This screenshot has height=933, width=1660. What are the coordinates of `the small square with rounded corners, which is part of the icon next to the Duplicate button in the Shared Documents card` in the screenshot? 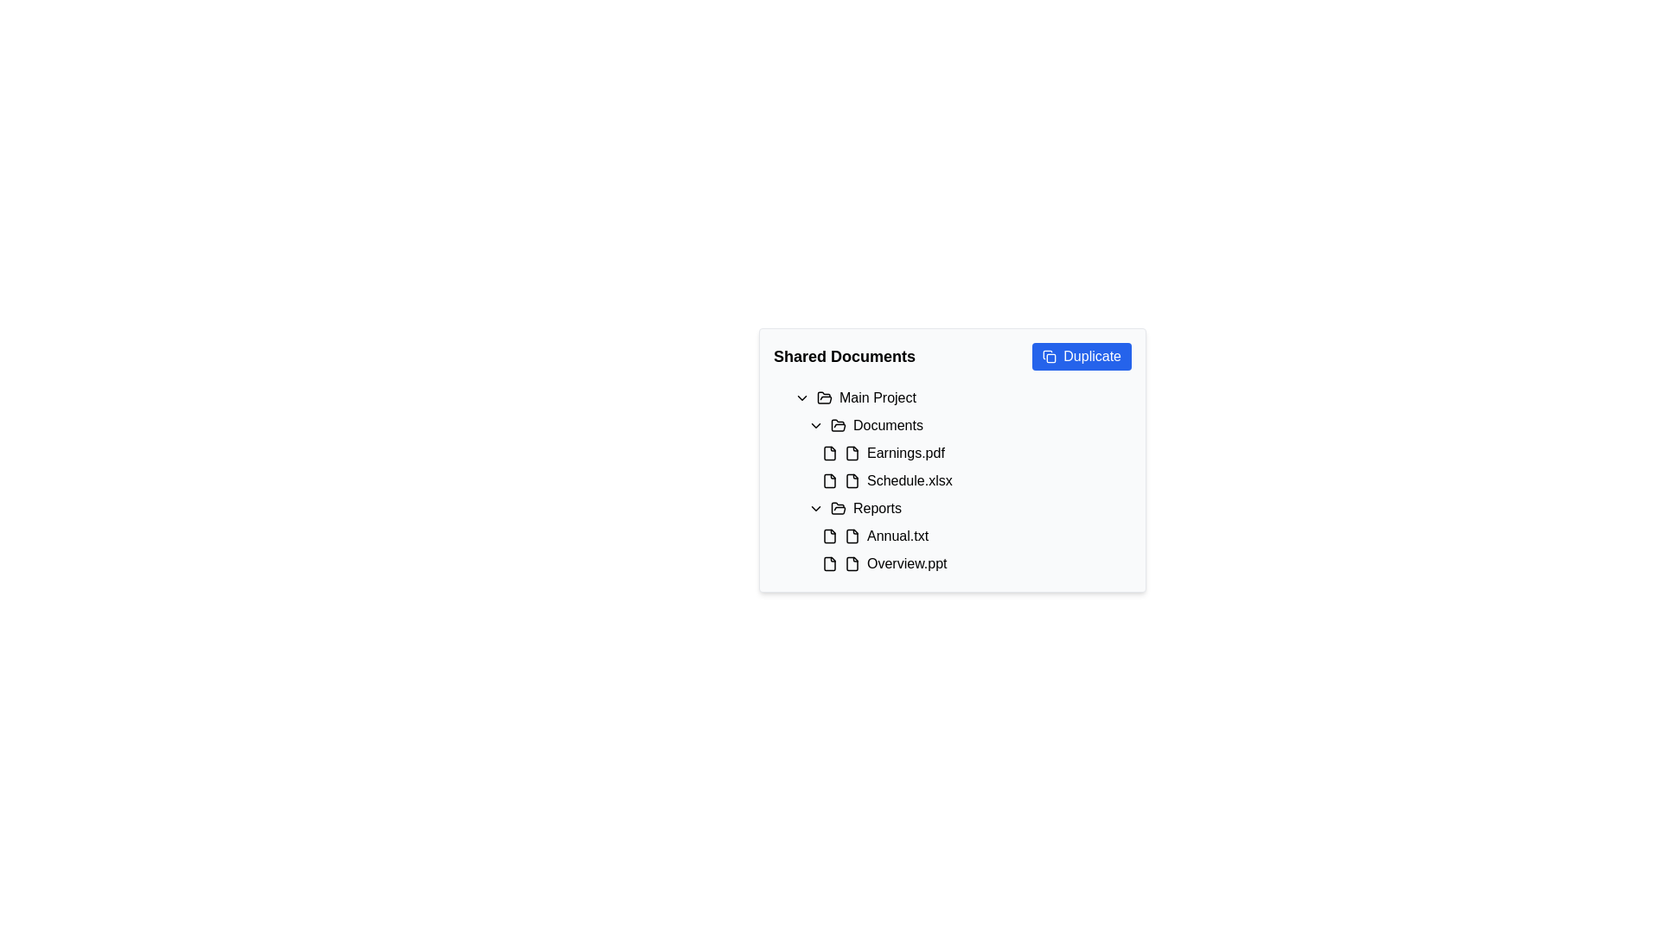 It's located at (1050, 358).